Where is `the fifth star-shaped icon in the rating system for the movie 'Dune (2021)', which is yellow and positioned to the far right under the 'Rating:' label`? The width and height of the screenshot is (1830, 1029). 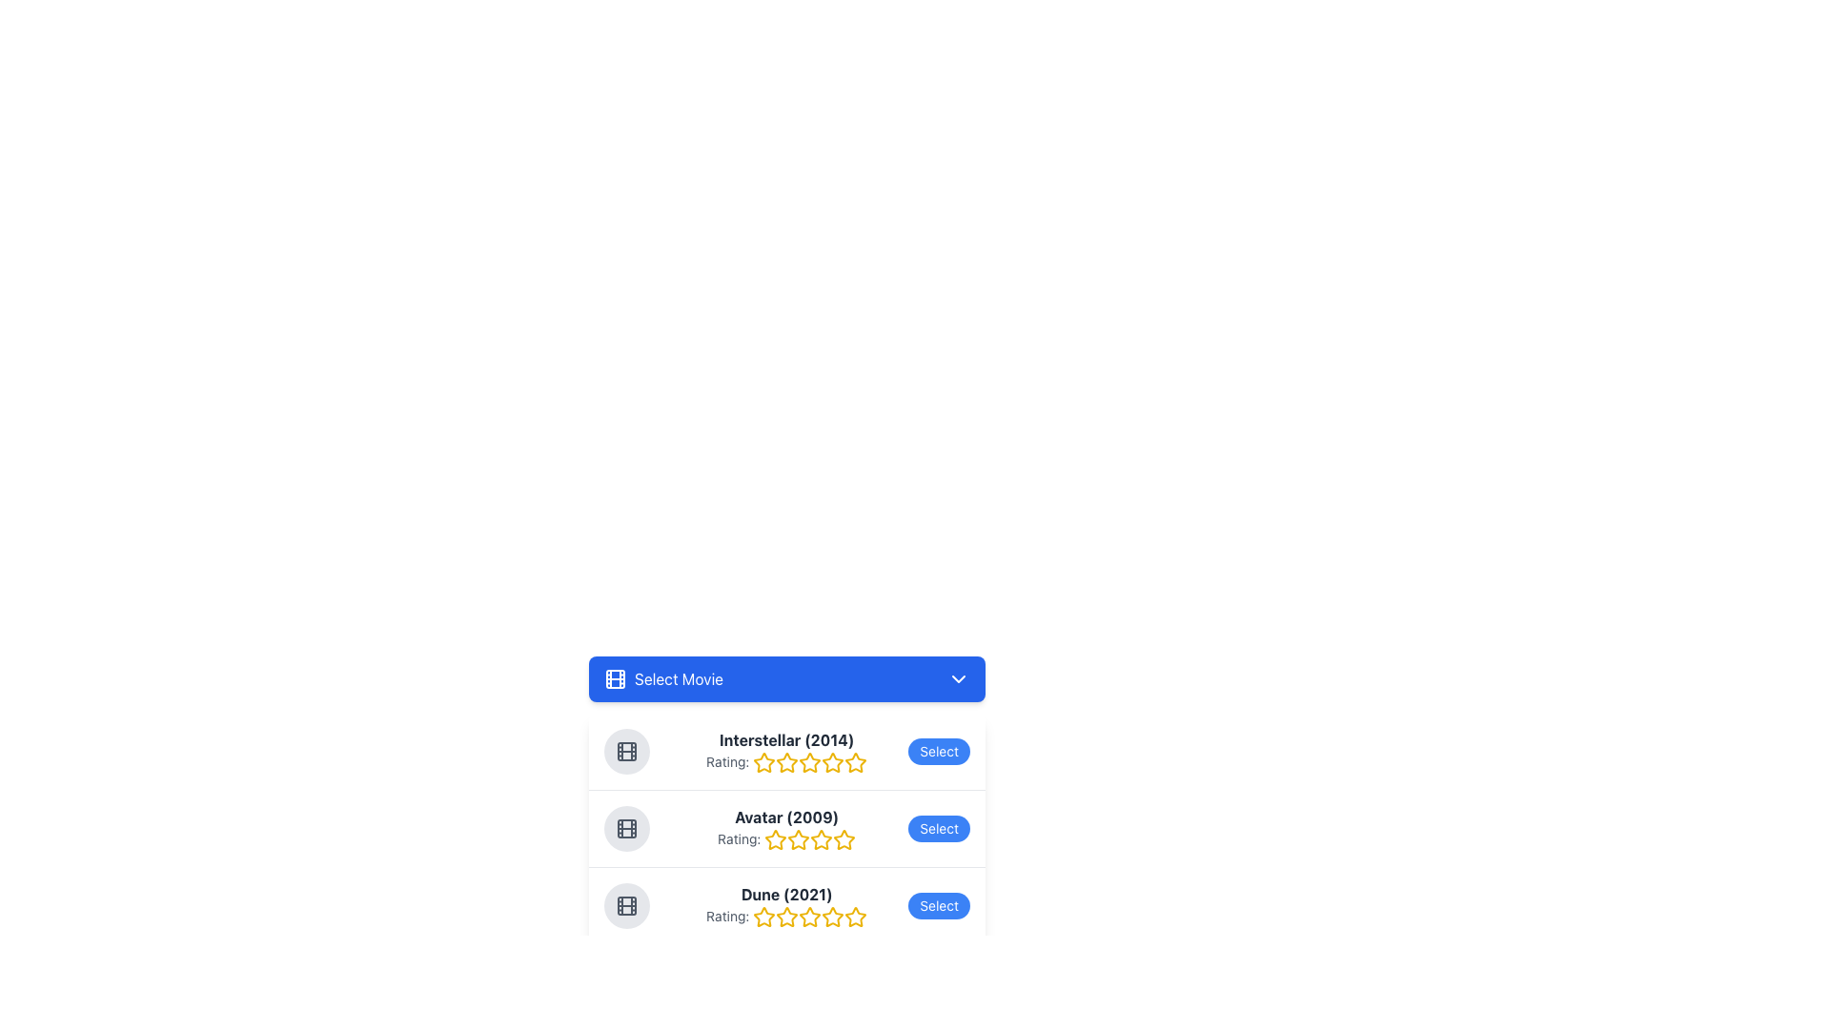 the fifth star-shaped icon in the rating system for the movie 'Dune (2021)', which is yellow and positioned to the far right under the 'Rating:' label is located at coordinates (855, 917).